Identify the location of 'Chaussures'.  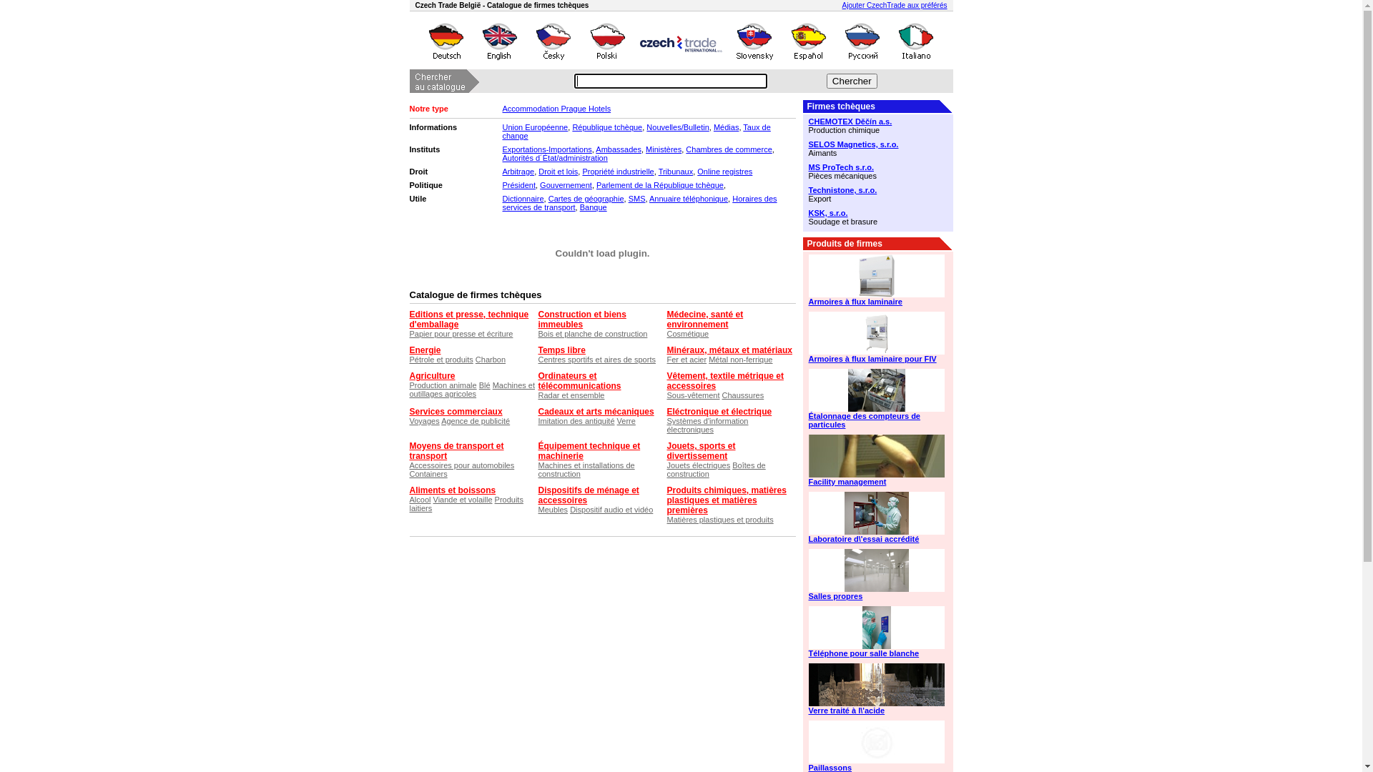
(743, 395).